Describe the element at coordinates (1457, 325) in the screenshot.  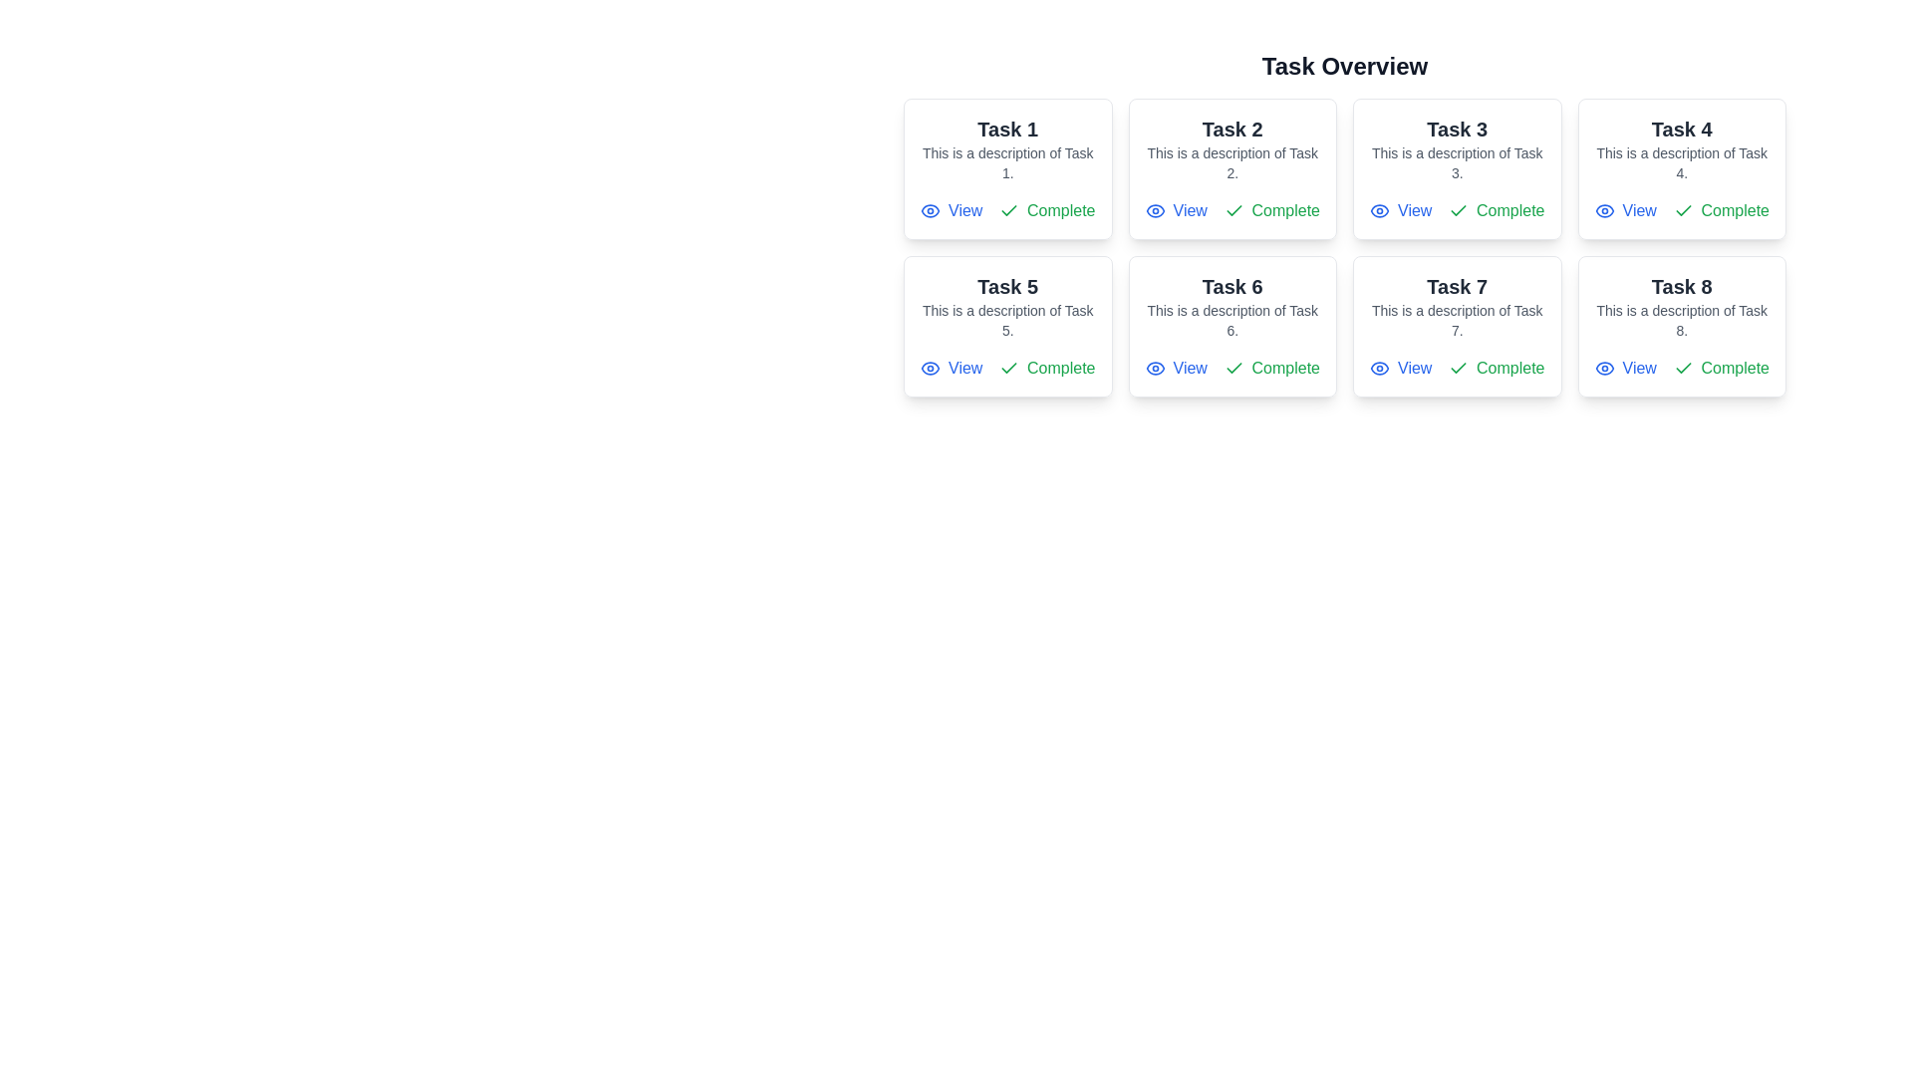
I see `the task card located in the bottom row, third column of the task management interface` at that location.